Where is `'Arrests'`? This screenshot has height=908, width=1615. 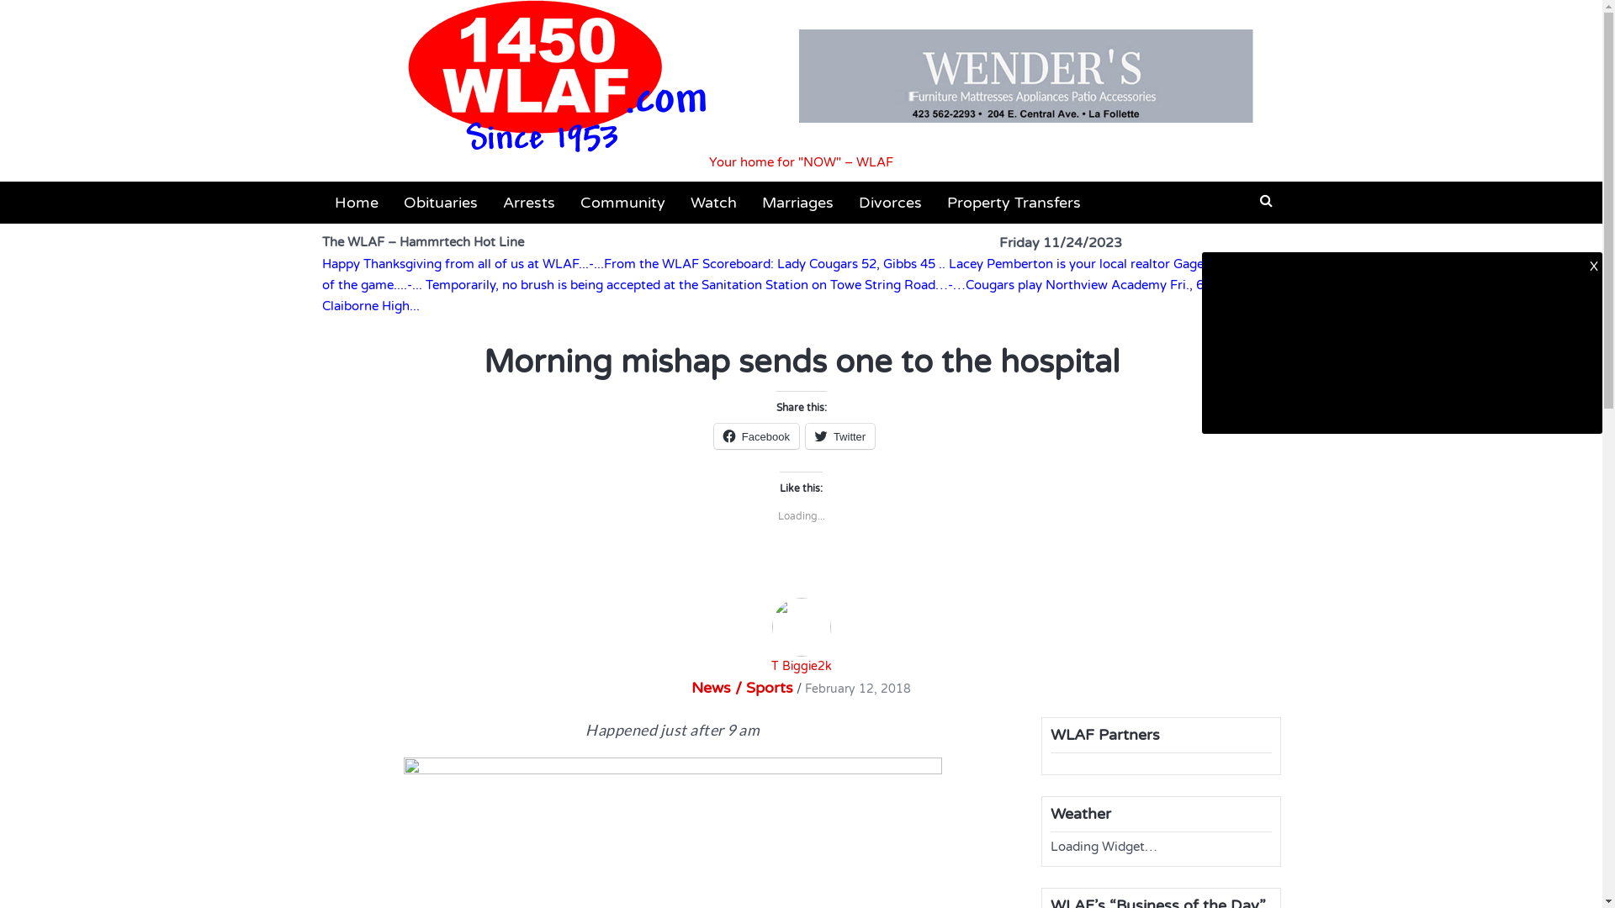
'Arrests' is located at coordinates (527, 201).